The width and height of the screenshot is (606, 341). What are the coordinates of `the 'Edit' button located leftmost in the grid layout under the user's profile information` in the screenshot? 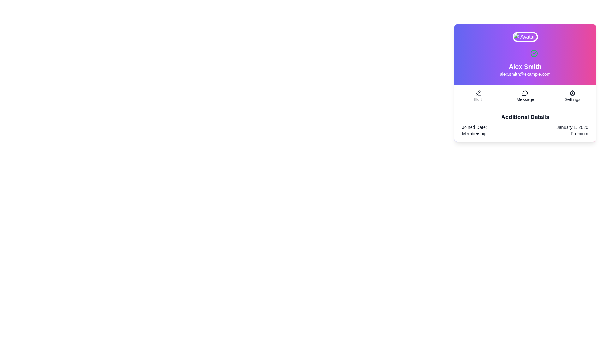 It's located at (478, 96).